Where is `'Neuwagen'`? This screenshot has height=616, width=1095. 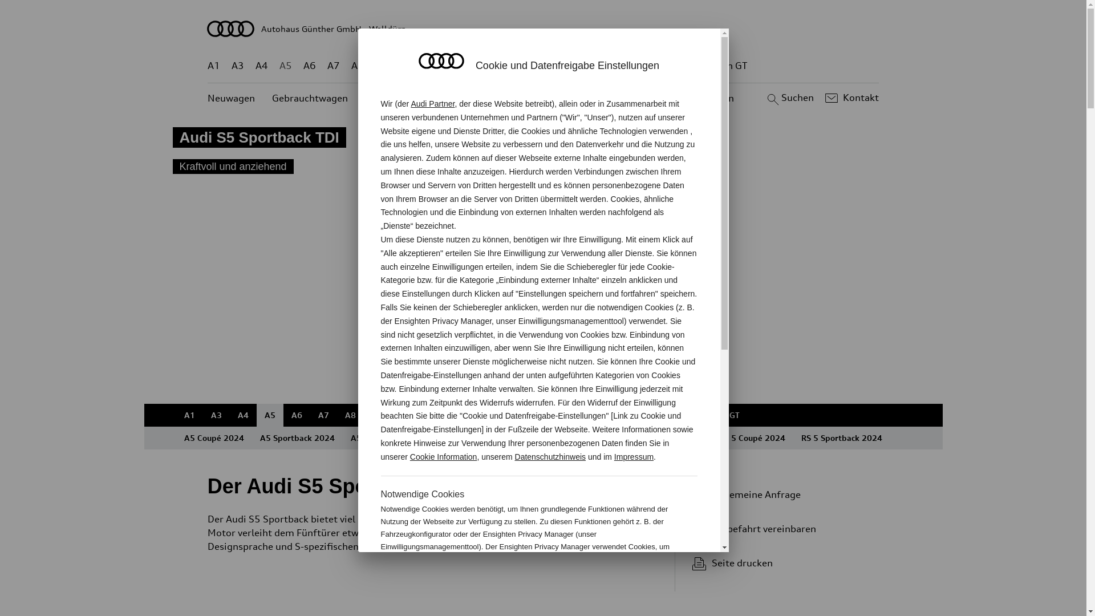 'Neuwagen' is located at coordinates (230, 98).